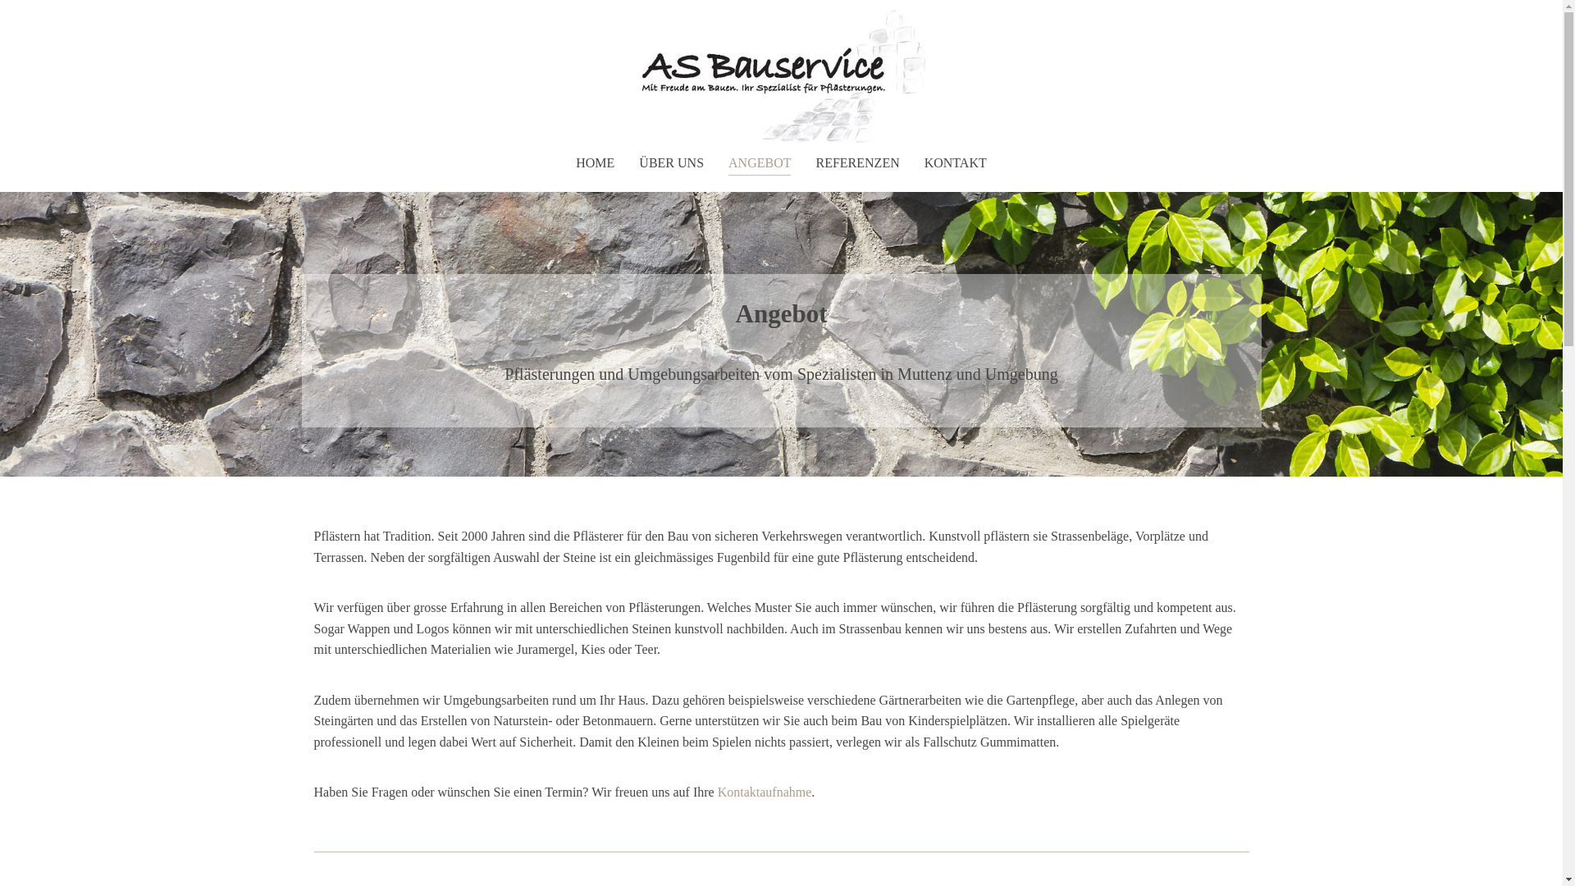 The height and width of the screenshot is (886, 1575). What do you see at coordinates (759, 163) in the screenshot?
I see `'ANGEBOT'` at bounding box center [759, 163].